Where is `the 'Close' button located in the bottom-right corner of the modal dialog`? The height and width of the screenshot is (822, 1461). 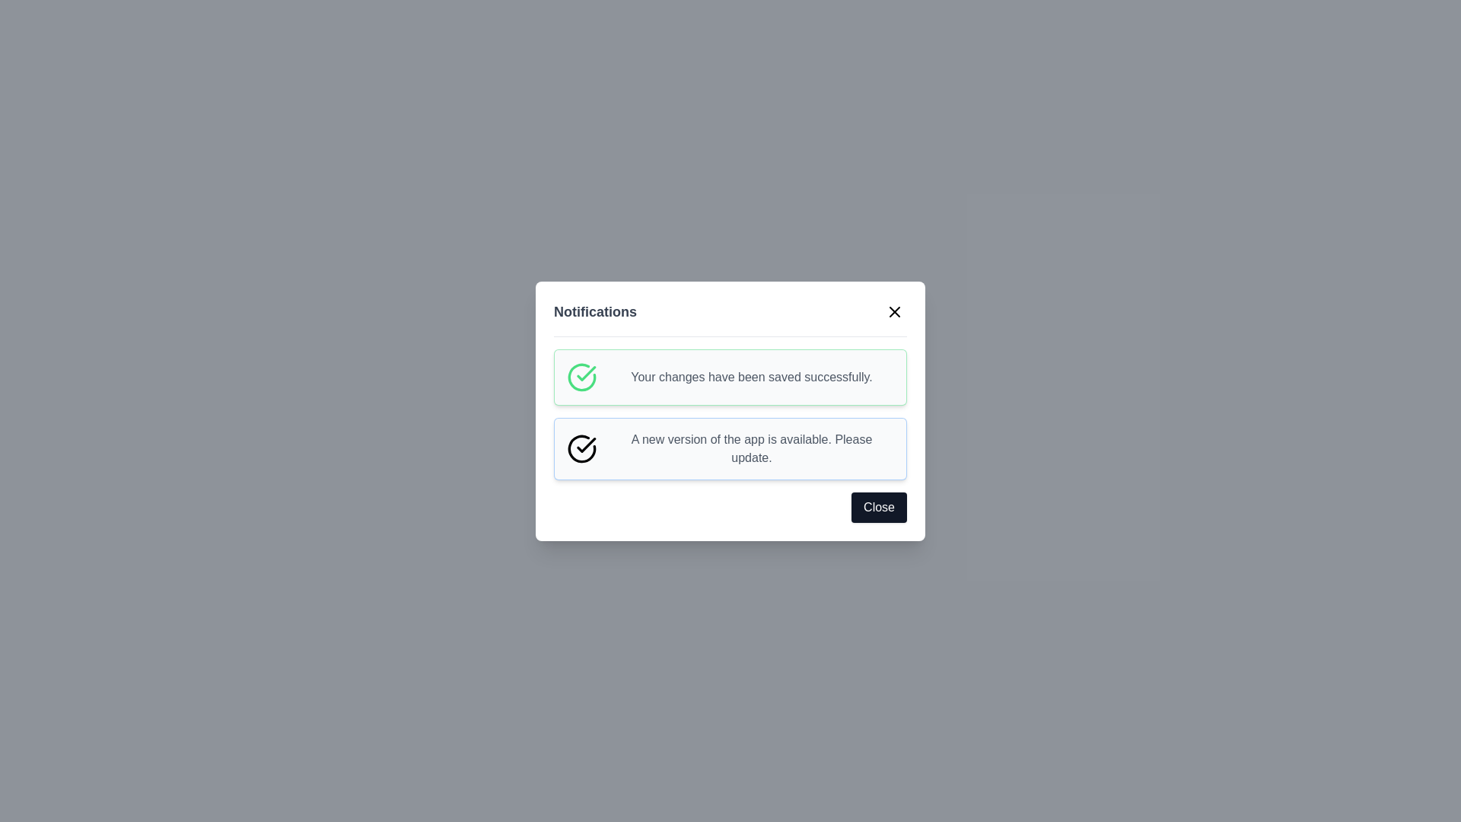 the 'Close' button located in the bottom-right corner of the modal dialog is located at coordinates (879, 507).